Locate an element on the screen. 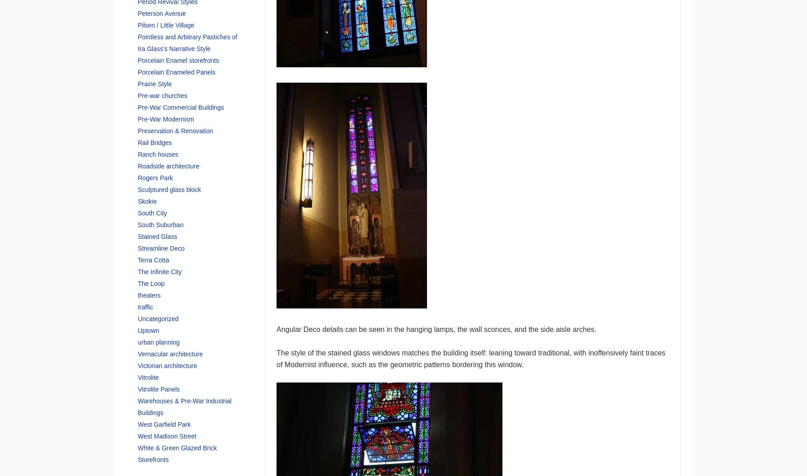 Image resolution: width=807 pixels, height=476 pixels. 'Warehouses & Pre-War Industrial Buildings' is located at coordinates (137, 406).